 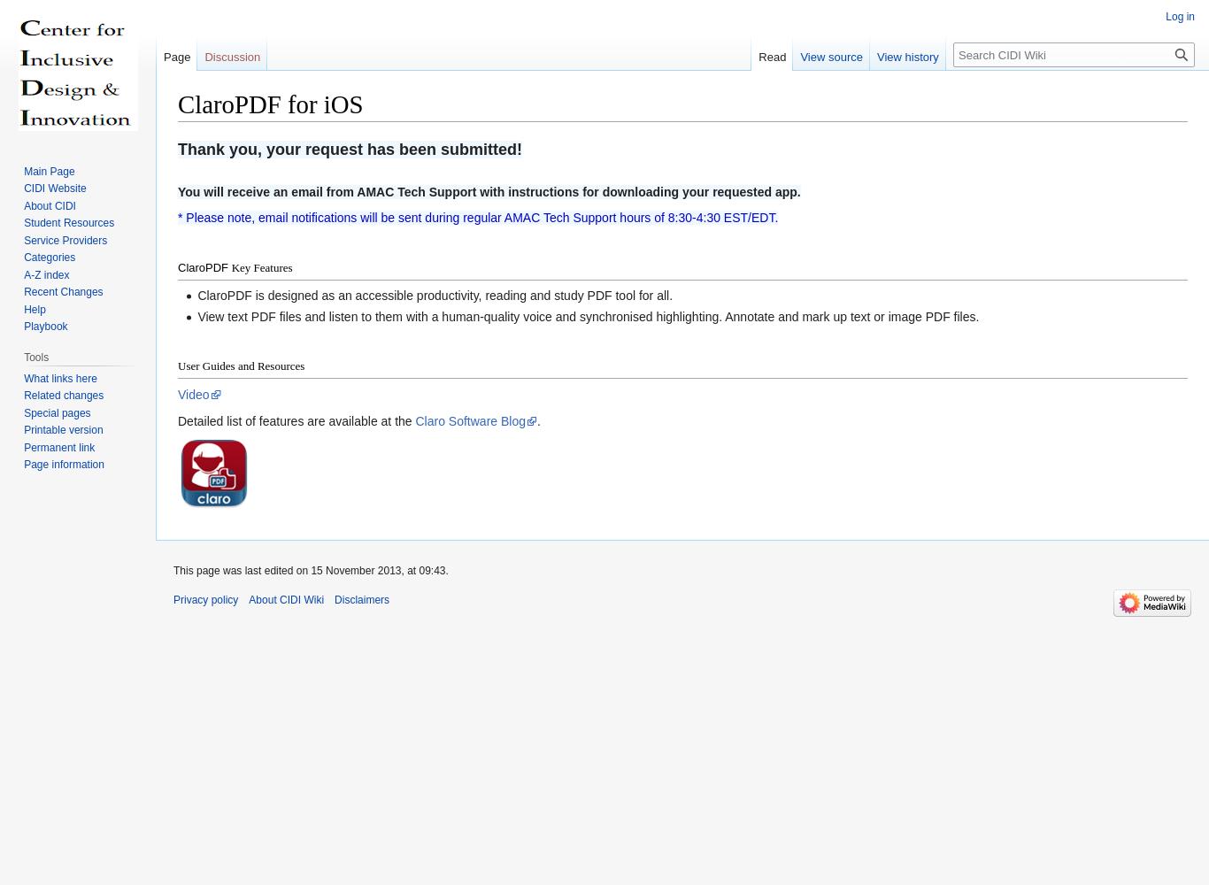 I want to click on 'Claro Software Blog', so click(x=414, y=419).